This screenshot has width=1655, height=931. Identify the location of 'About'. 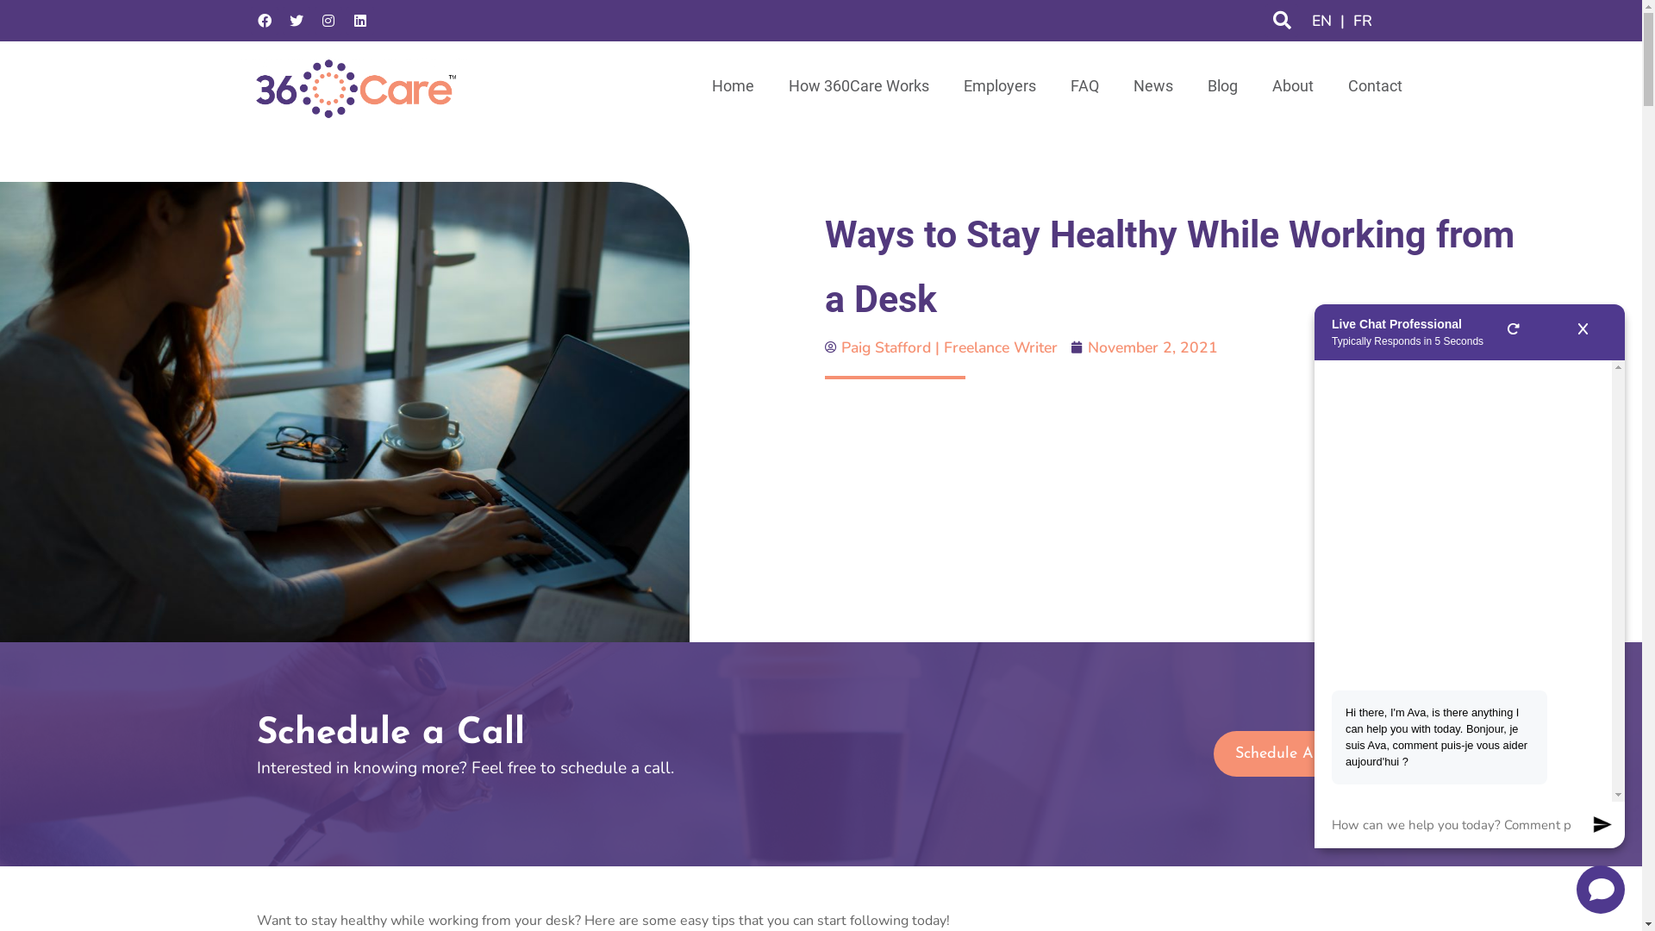
(1292, 86).